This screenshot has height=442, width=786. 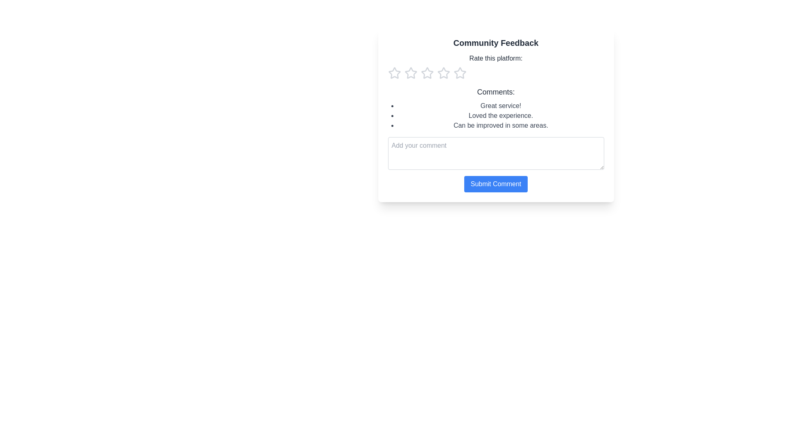 I want to click on the first hollow gray star icon in the rating section labeled 'Rate this platform', so click(x=394, y=72).